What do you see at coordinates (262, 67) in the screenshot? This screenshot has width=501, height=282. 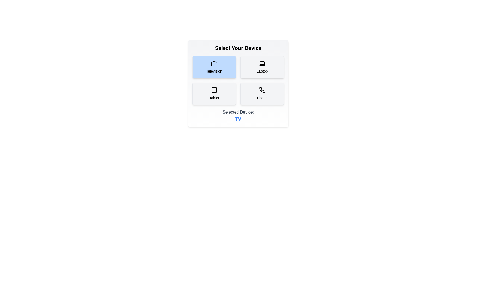 I see `the button labeled Laptop to observe its visual effect` at bounding box center [262, 67].